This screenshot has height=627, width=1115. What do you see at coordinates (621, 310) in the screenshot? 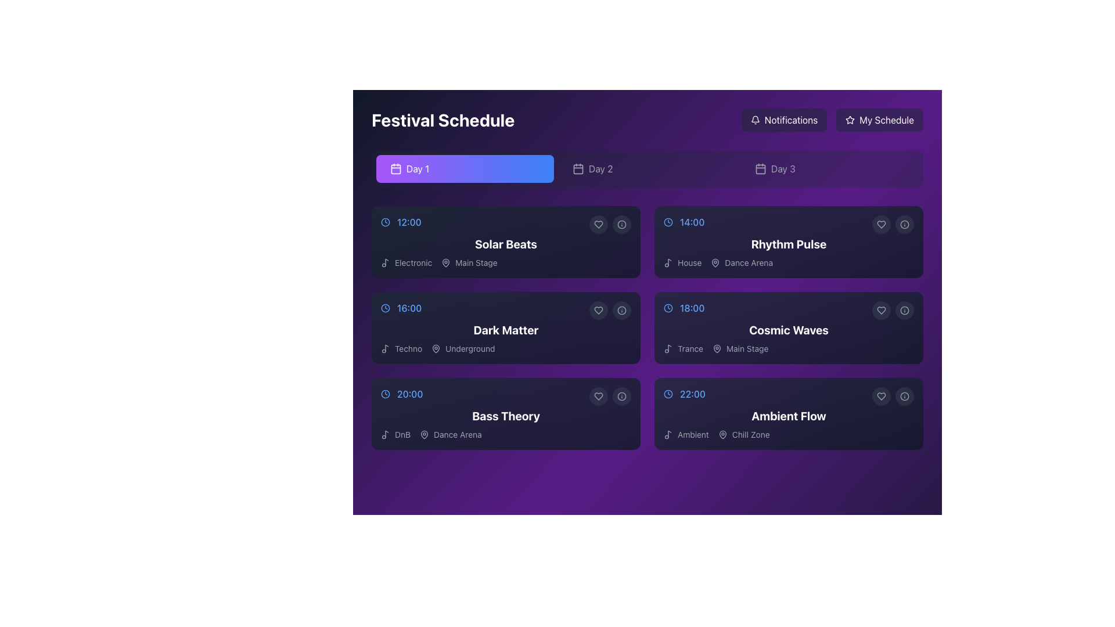
I see `the information button, the second icon in the interactive group at the top-right of the 'Dark Matter' schedule card, for keyboard interaction` at bounding box center [621, 310].